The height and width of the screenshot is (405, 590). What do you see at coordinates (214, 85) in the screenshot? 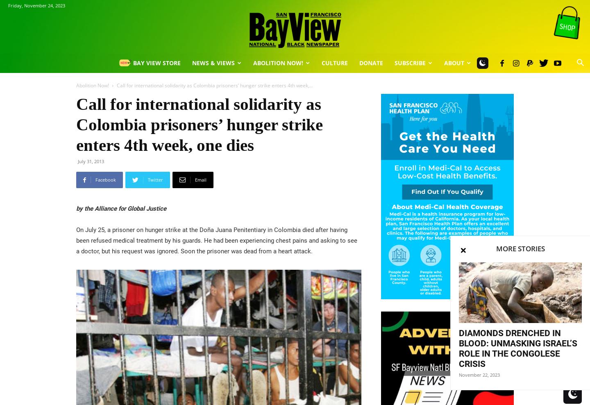
I see `'Call for international solidarity as Colombia prisoners’ hunger strike enters 4th week,...'` at bounding box center [214, 85].